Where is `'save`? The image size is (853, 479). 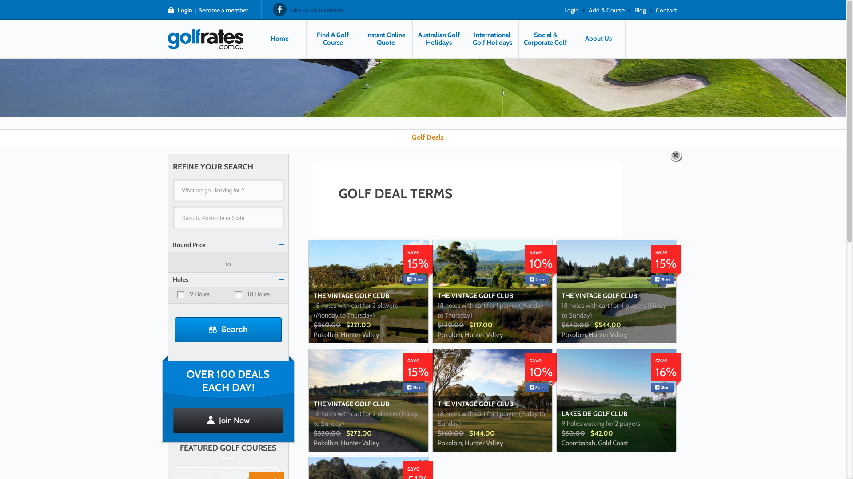 'save is located at coordinates (417, 369).